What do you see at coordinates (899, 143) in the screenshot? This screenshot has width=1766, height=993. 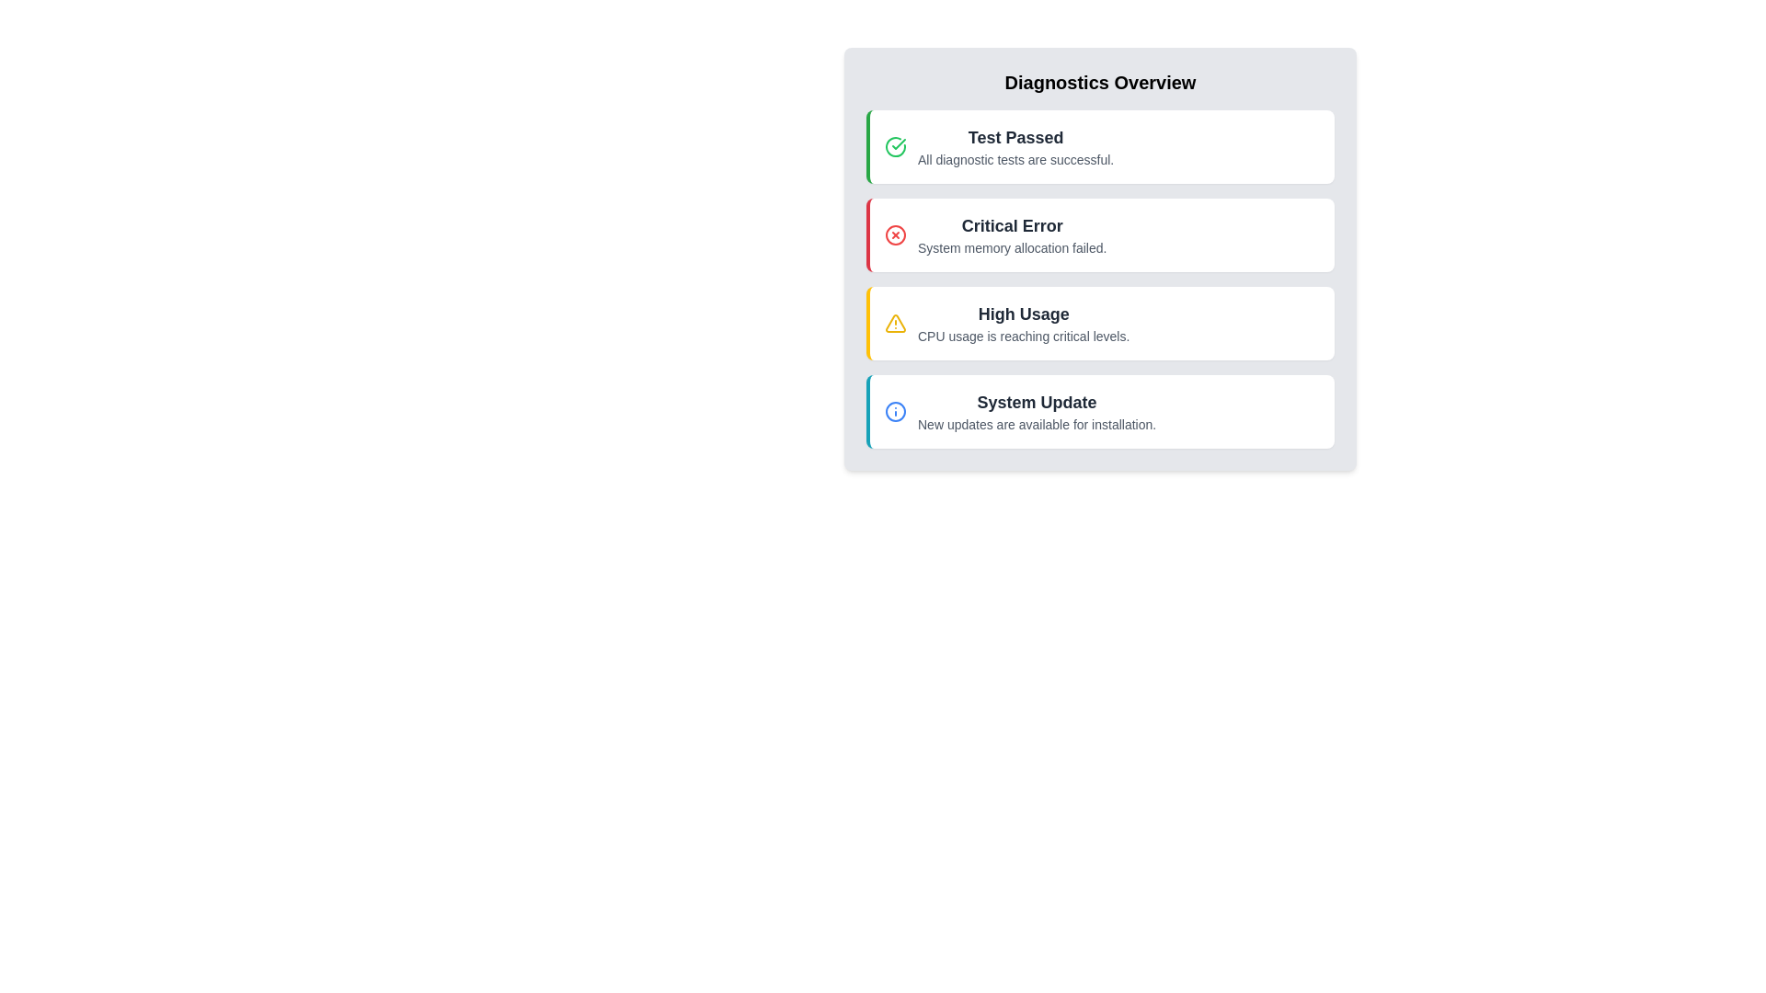 I see `the 'Test Passed' icon in the Diagnostics Overview section to visually confirm the item's successful status` at bounding box center [899, 143].